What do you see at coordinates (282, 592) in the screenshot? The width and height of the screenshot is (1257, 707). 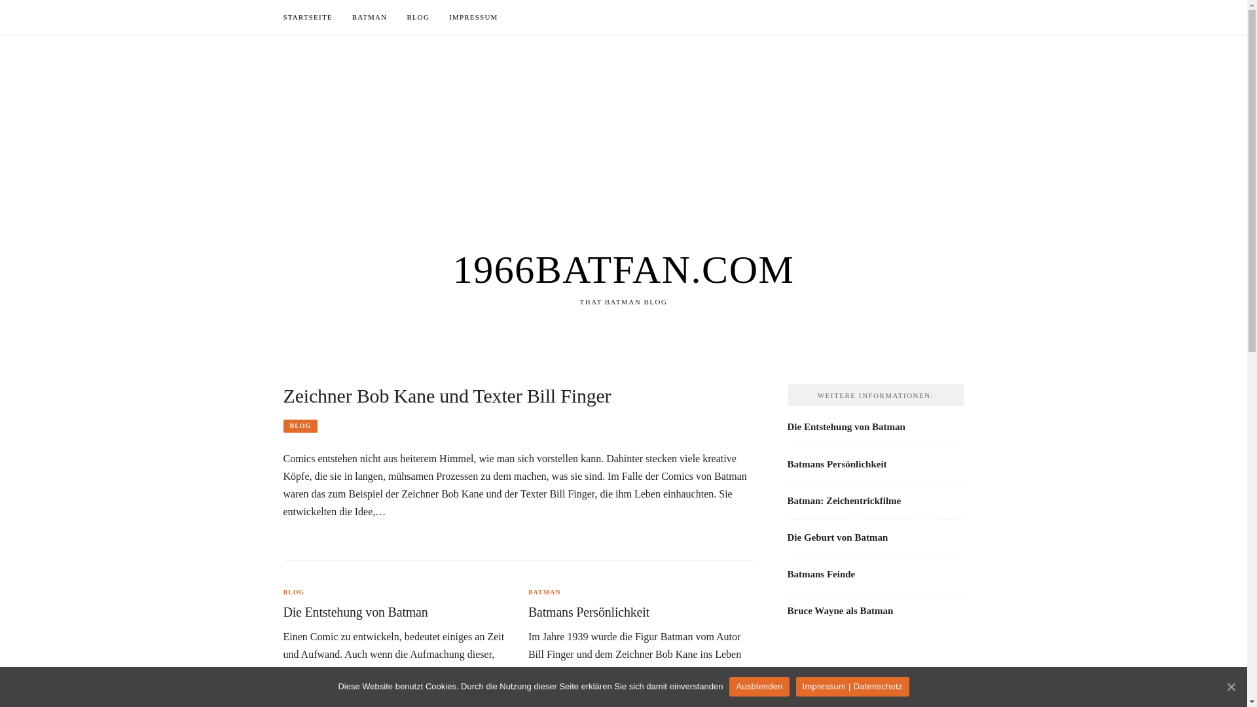 I see `'BLOG'` at bounding box center [282, 592].